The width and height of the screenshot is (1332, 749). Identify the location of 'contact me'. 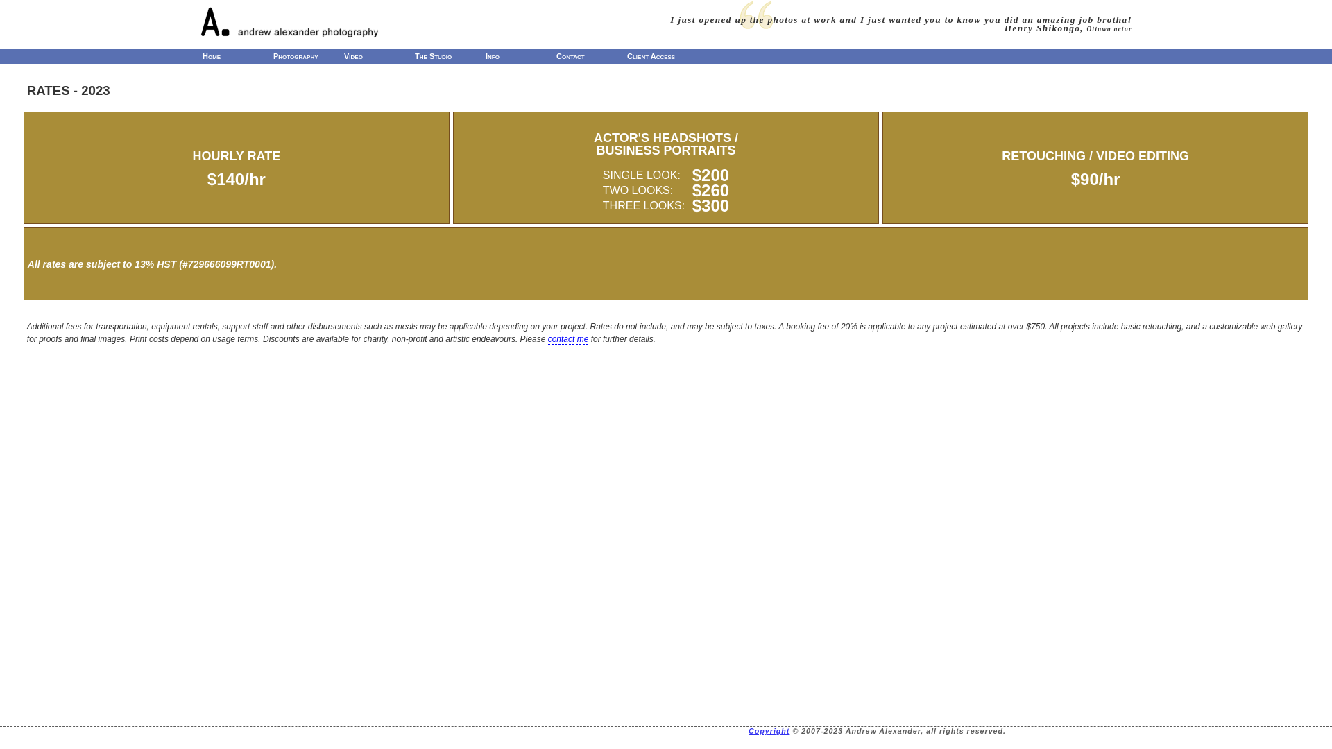
(568, 339).